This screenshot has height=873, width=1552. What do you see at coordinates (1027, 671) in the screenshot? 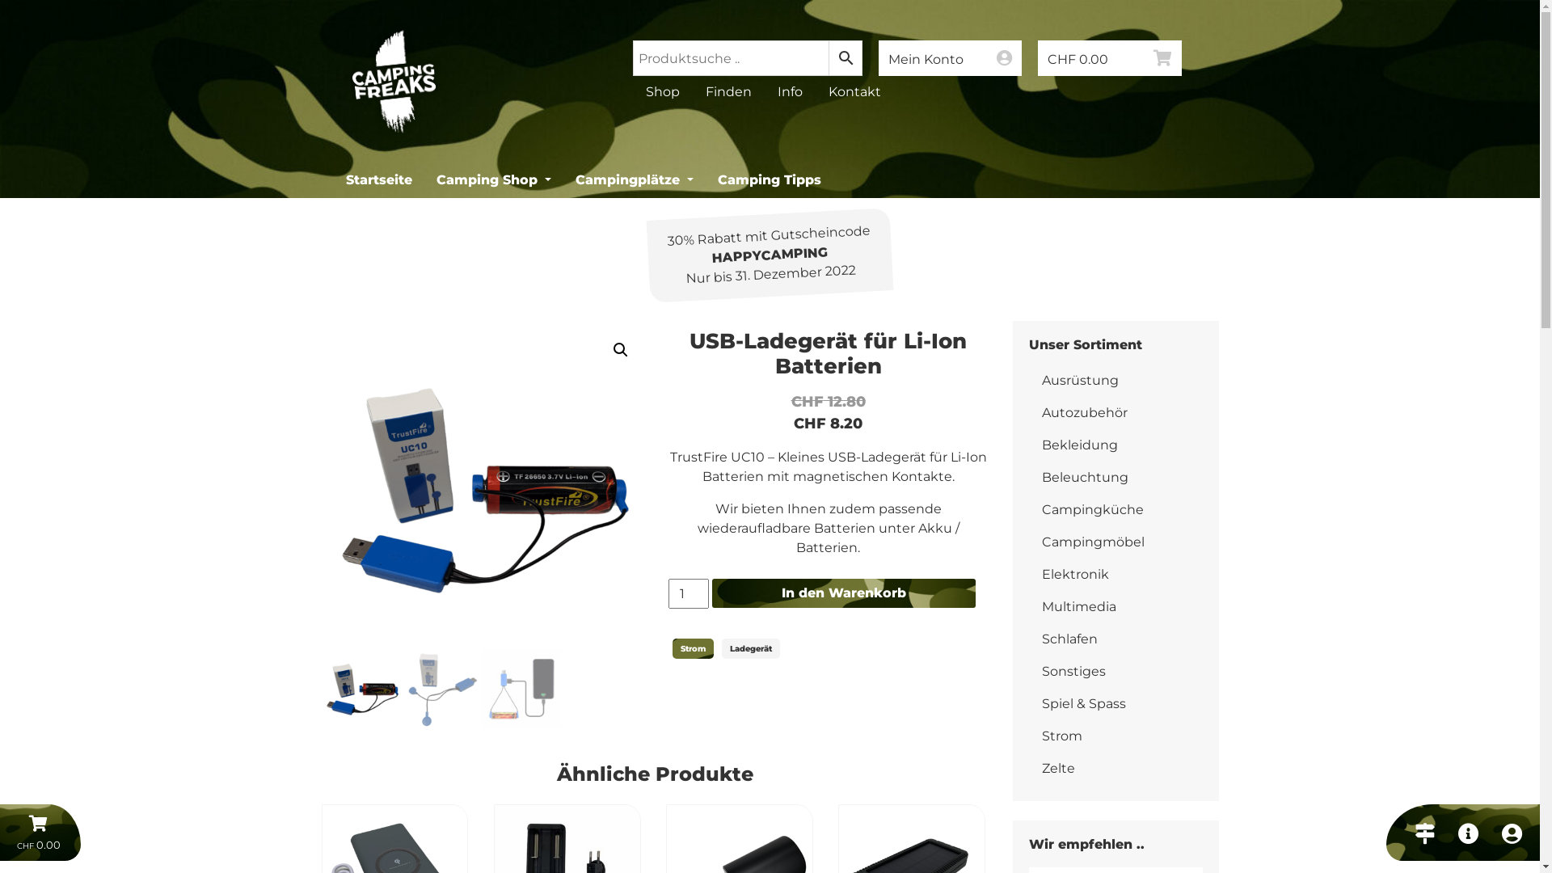
I see `'Sonstiges'` at bounding box center [1027, 671].